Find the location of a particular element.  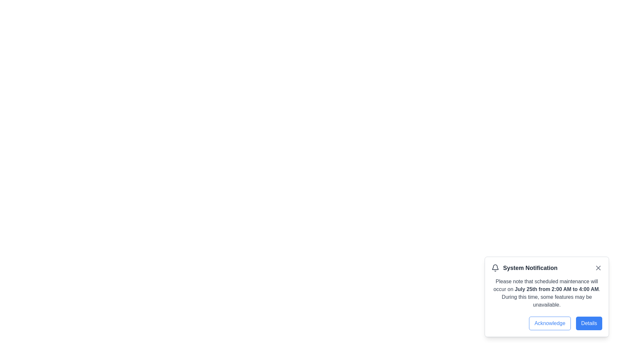

text displayed in the 'System Notification' label, which is bold and dark gray, located in the notification box at the bottom right of the interface is located at coordinates (530, 268).